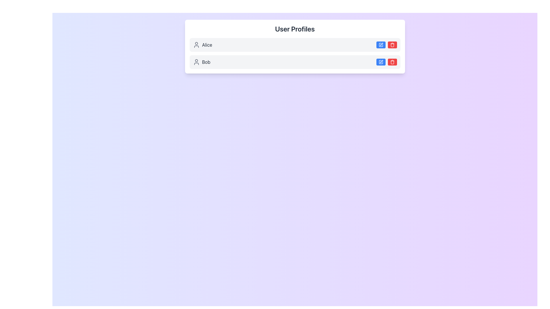  Describe the element at coordinates (381, 45) in the screenshot. I see `the edit button for user Bob, located in the second row of the user profile list` at that location.